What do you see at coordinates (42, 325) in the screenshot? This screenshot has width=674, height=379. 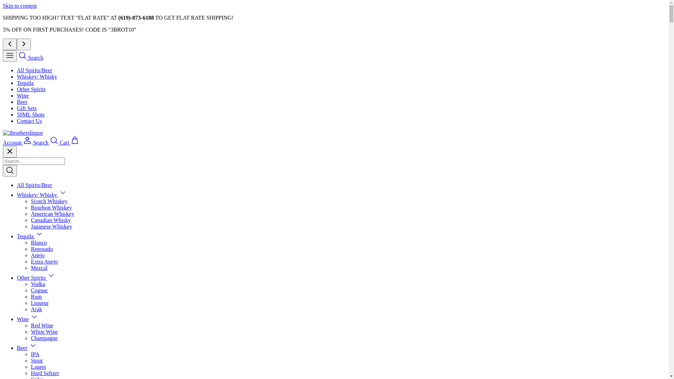 I see `'Red Wine'` at bounding box center [42, 325].